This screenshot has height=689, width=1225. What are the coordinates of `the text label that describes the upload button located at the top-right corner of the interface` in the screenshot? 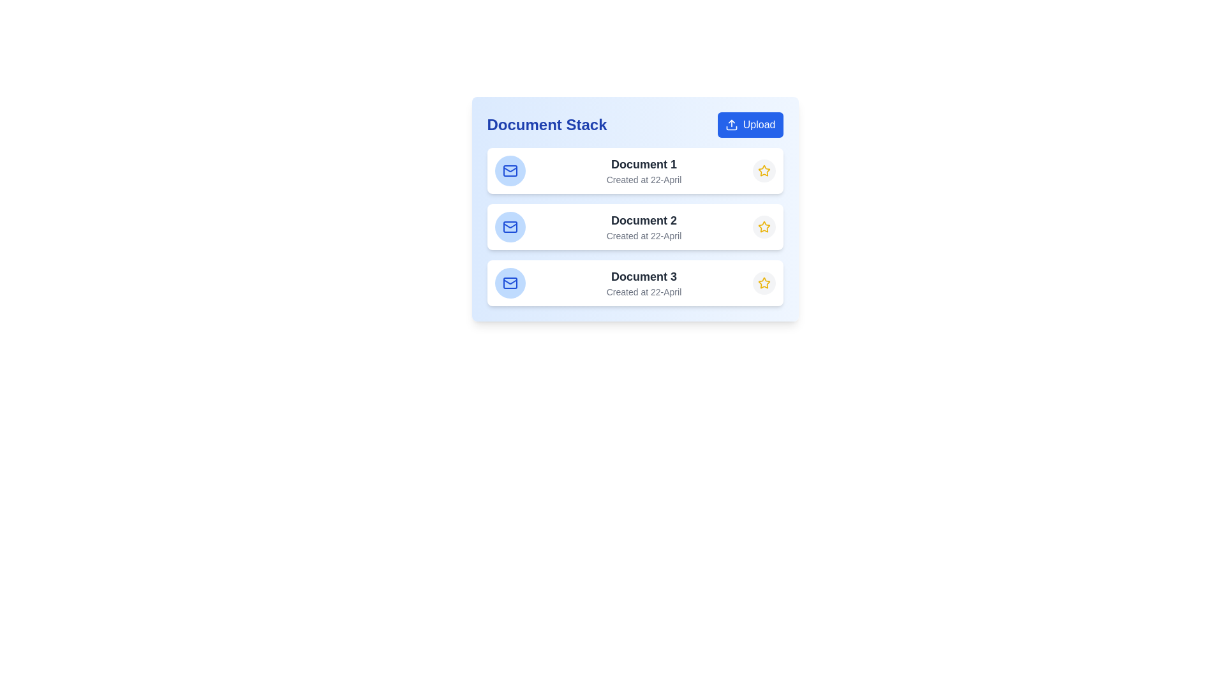 It's located at (759, 125).